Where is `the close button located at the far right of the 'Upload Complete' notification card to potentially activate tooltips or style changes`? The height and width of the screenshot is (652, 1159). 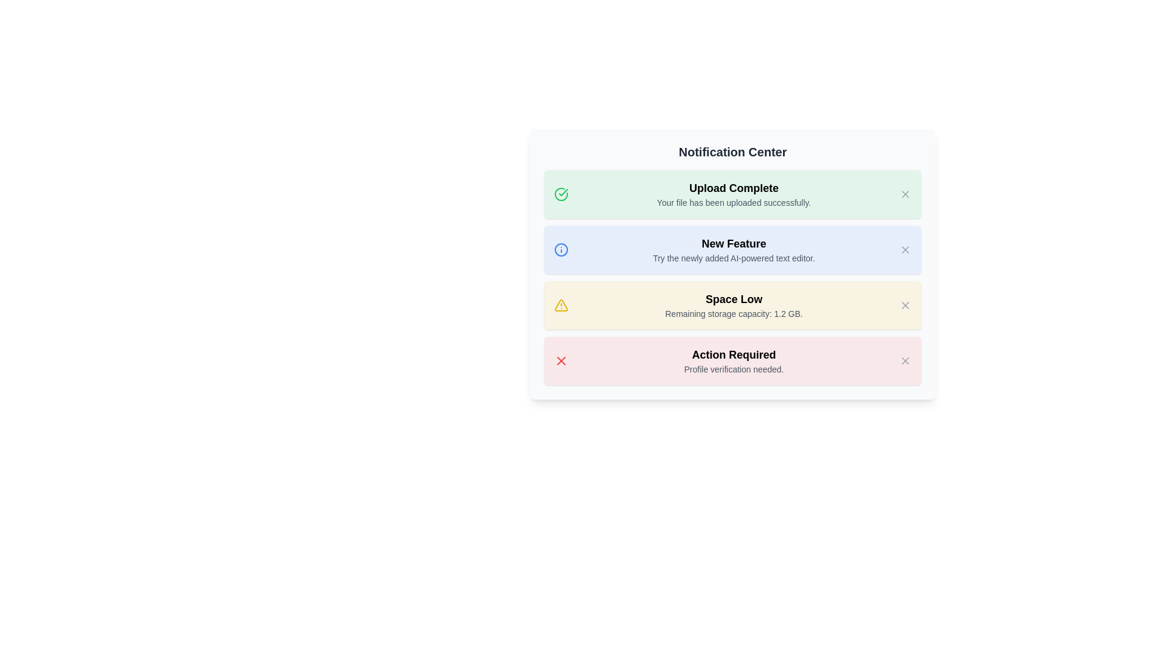
the close button located at the far right of the 'Upload Complete' notification card to potentially activate tooltips or style changes is located at coordinates (905, 193).